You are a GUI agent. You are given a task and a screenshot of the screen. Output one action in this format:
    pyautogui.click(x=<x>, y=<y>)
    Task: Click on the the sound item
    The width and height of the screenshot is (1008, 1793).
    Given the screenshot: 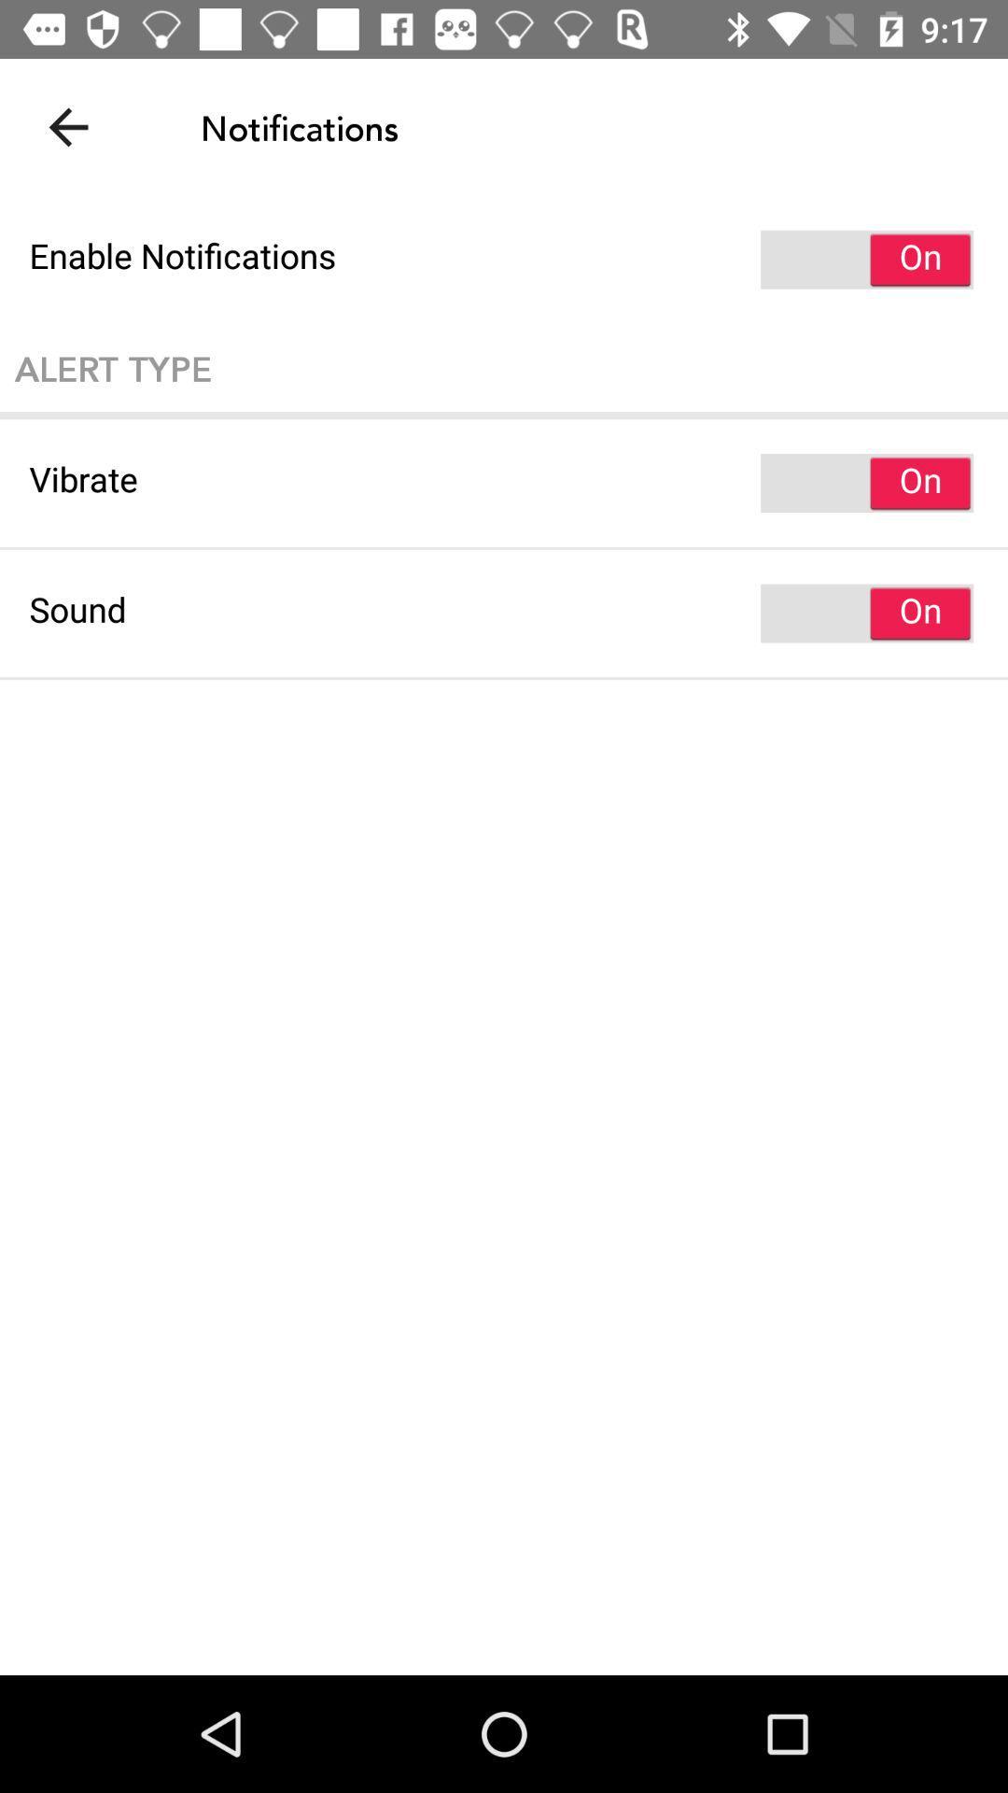 What is the action you would take?
    pyautogui.click(x=504, y=614)
    